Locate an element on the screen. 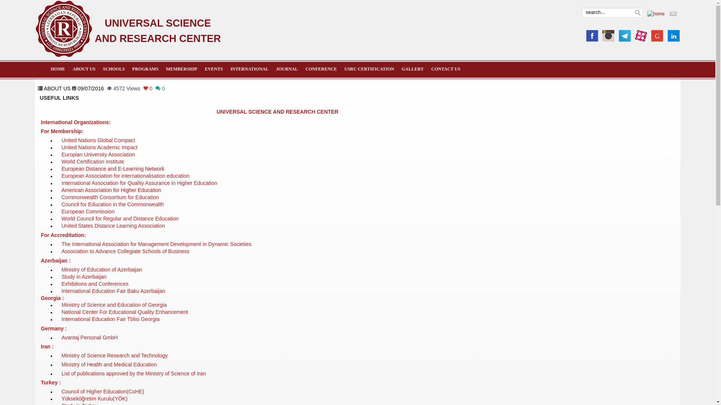 The height and width of the screenshot is (405, 721). 'United Nations Global Compact' is located at coordinates (98, 140).